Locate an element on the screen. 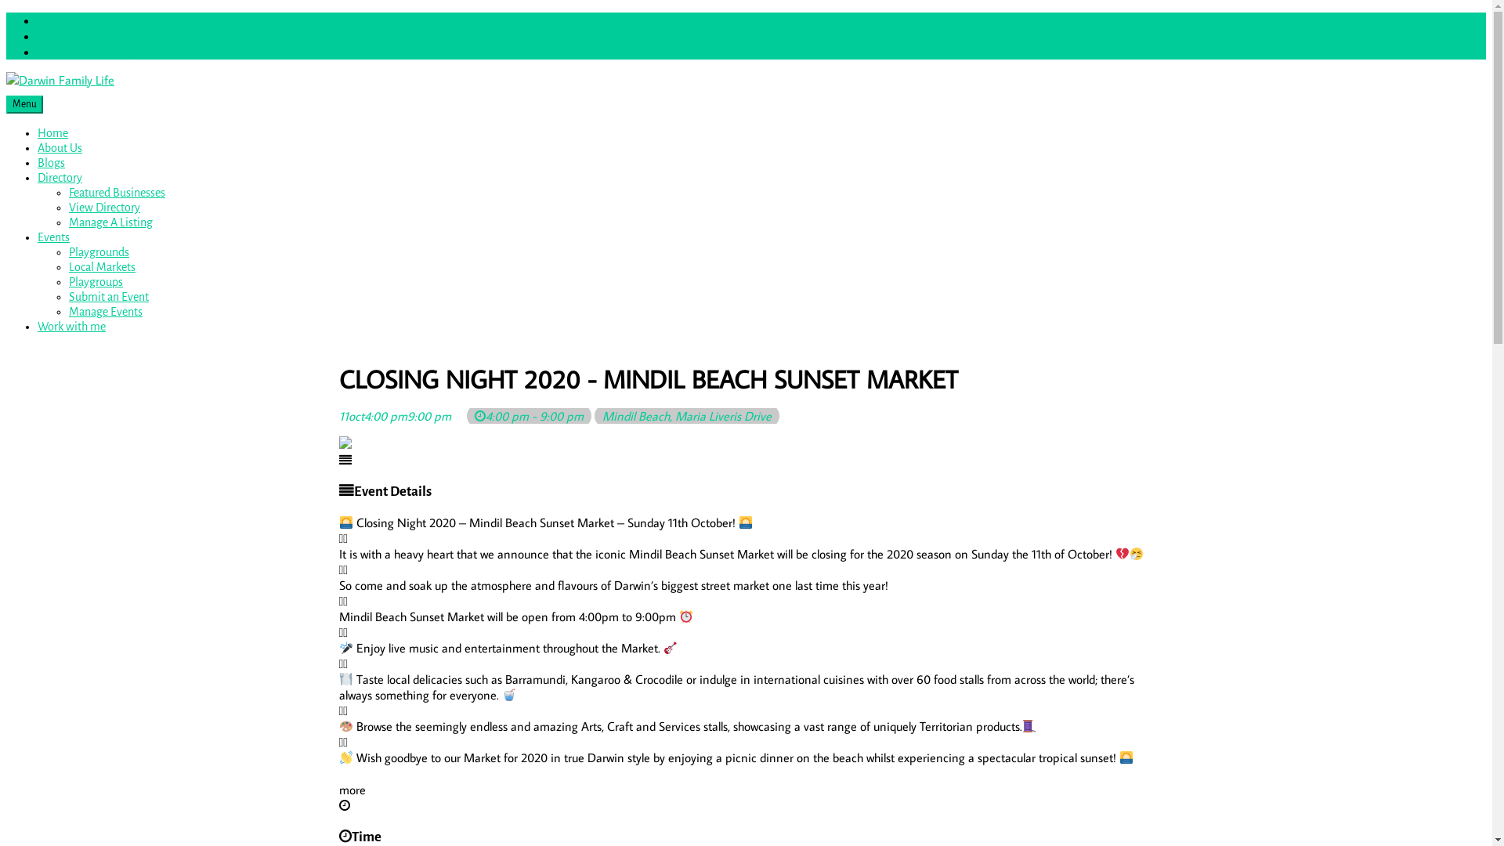  'About Us' is located at coordinates (60, 148).